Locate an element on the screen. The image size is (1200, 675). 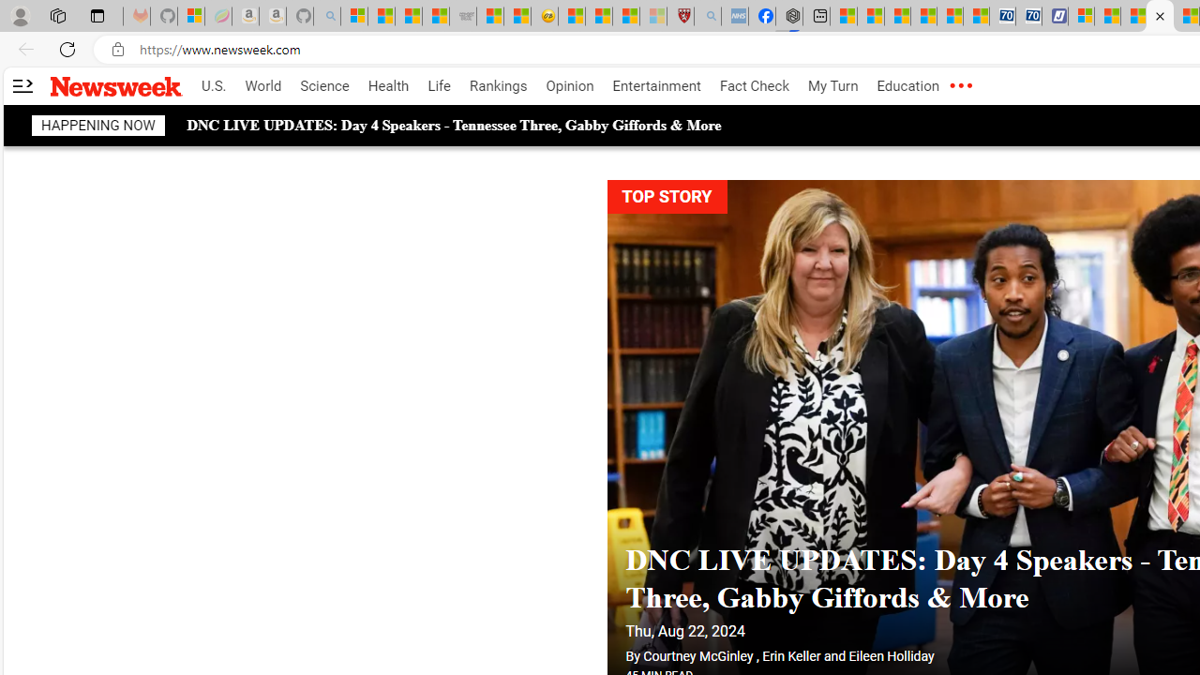
'Health' is located at coordinates (387, 86).